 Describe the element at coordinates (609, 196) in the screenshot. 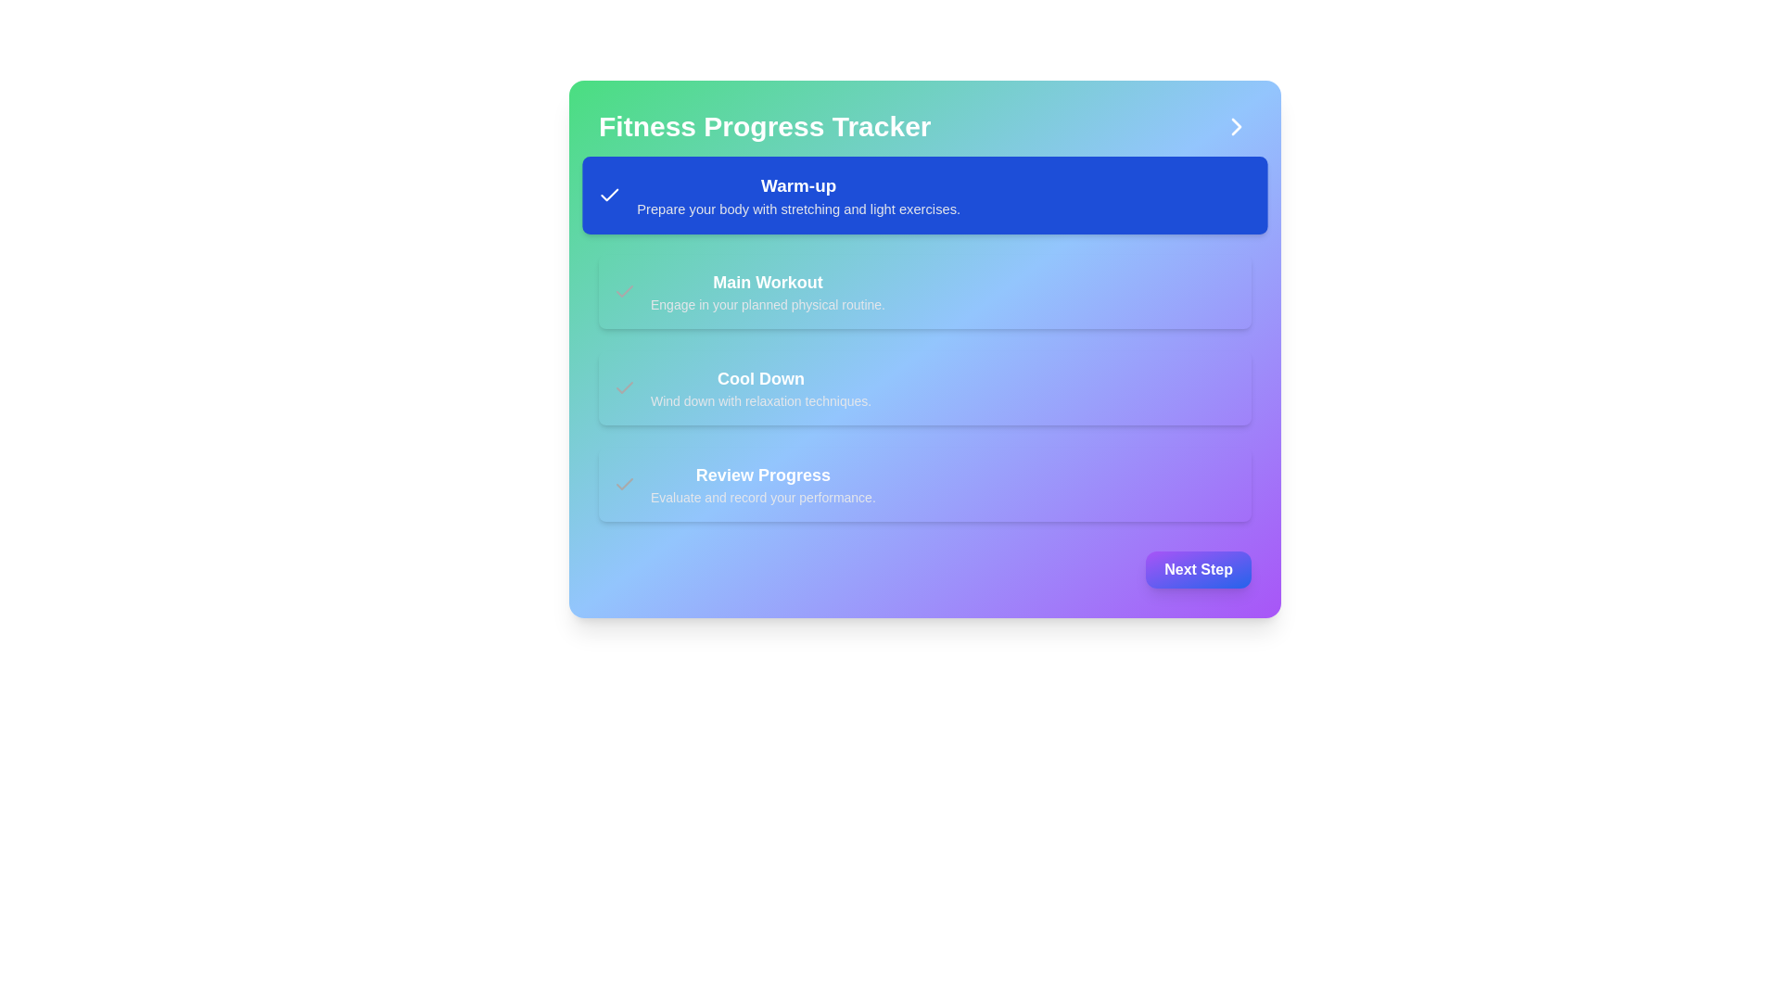

I see `the checkmark icon within the blue rounded rectangular section labeled 'Warm-up', which is the first item in the list of activities` at that location.